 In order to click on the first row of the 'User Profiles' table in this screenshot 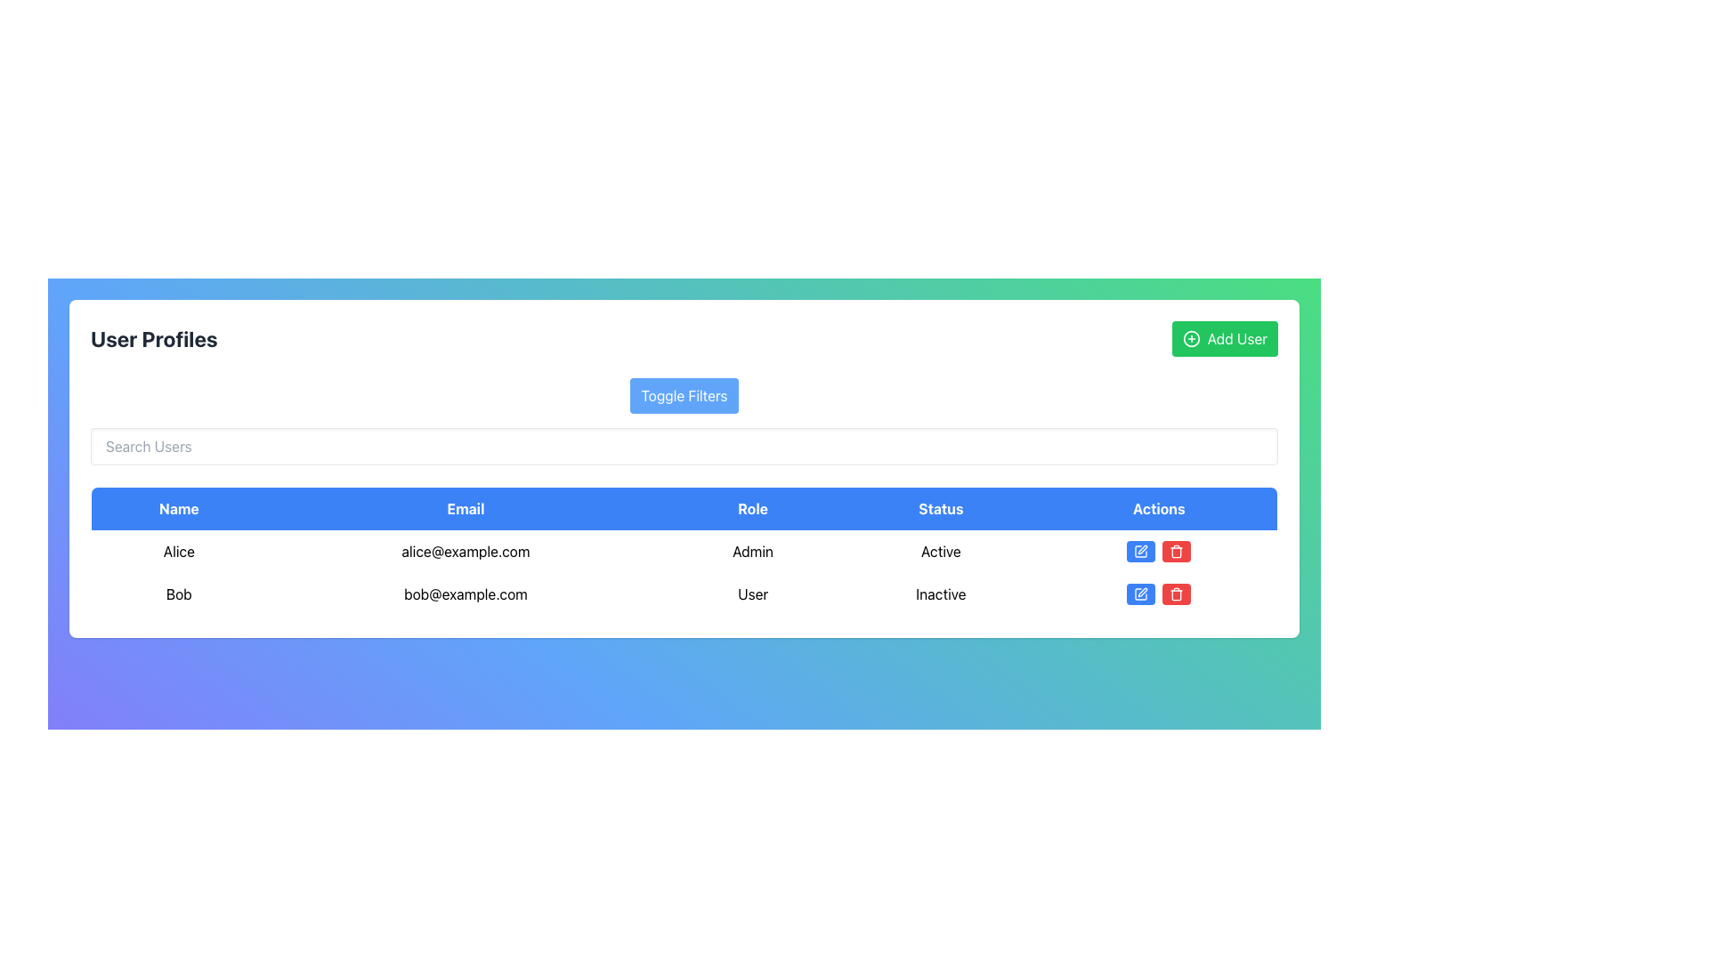, I will do `click(683, 551)`.